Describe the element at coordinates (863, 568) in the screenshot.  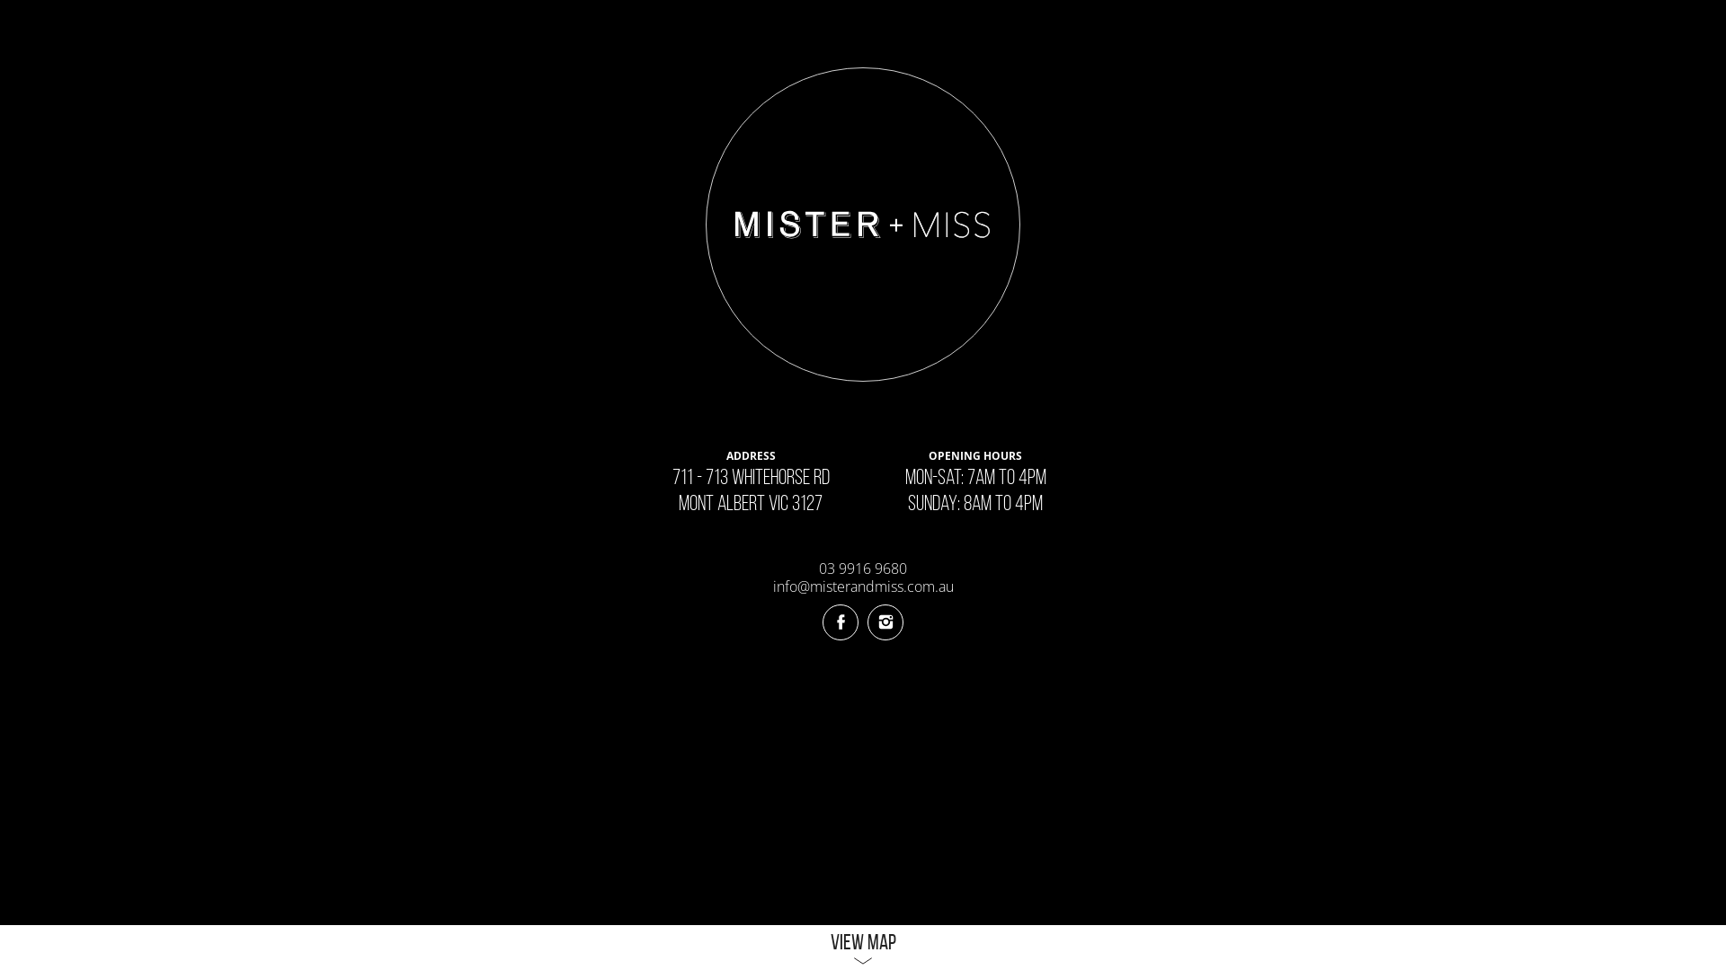
I see `'03 9916 9680'` at that location.